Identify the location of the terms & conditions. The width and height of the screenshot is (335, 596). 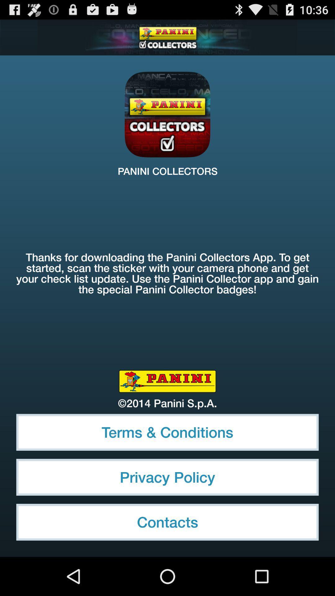
(167, 432).